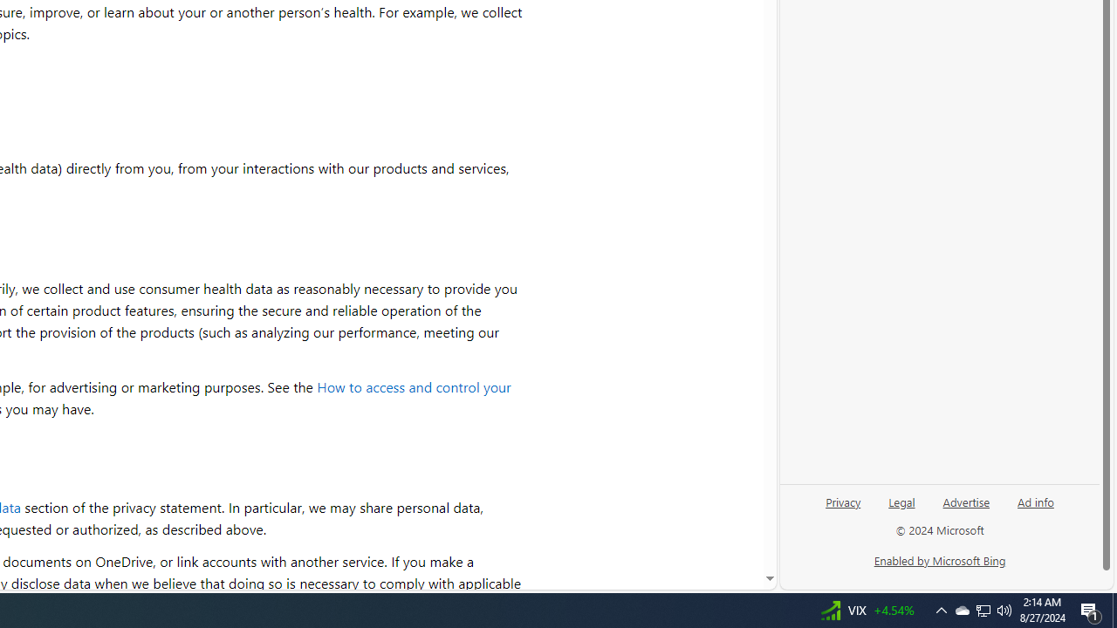 The height and width of the screenshot is (628, 1117). Describe the element at coordinates (1035, 509) in the screenshot. I see `'Ad info'` at that location.